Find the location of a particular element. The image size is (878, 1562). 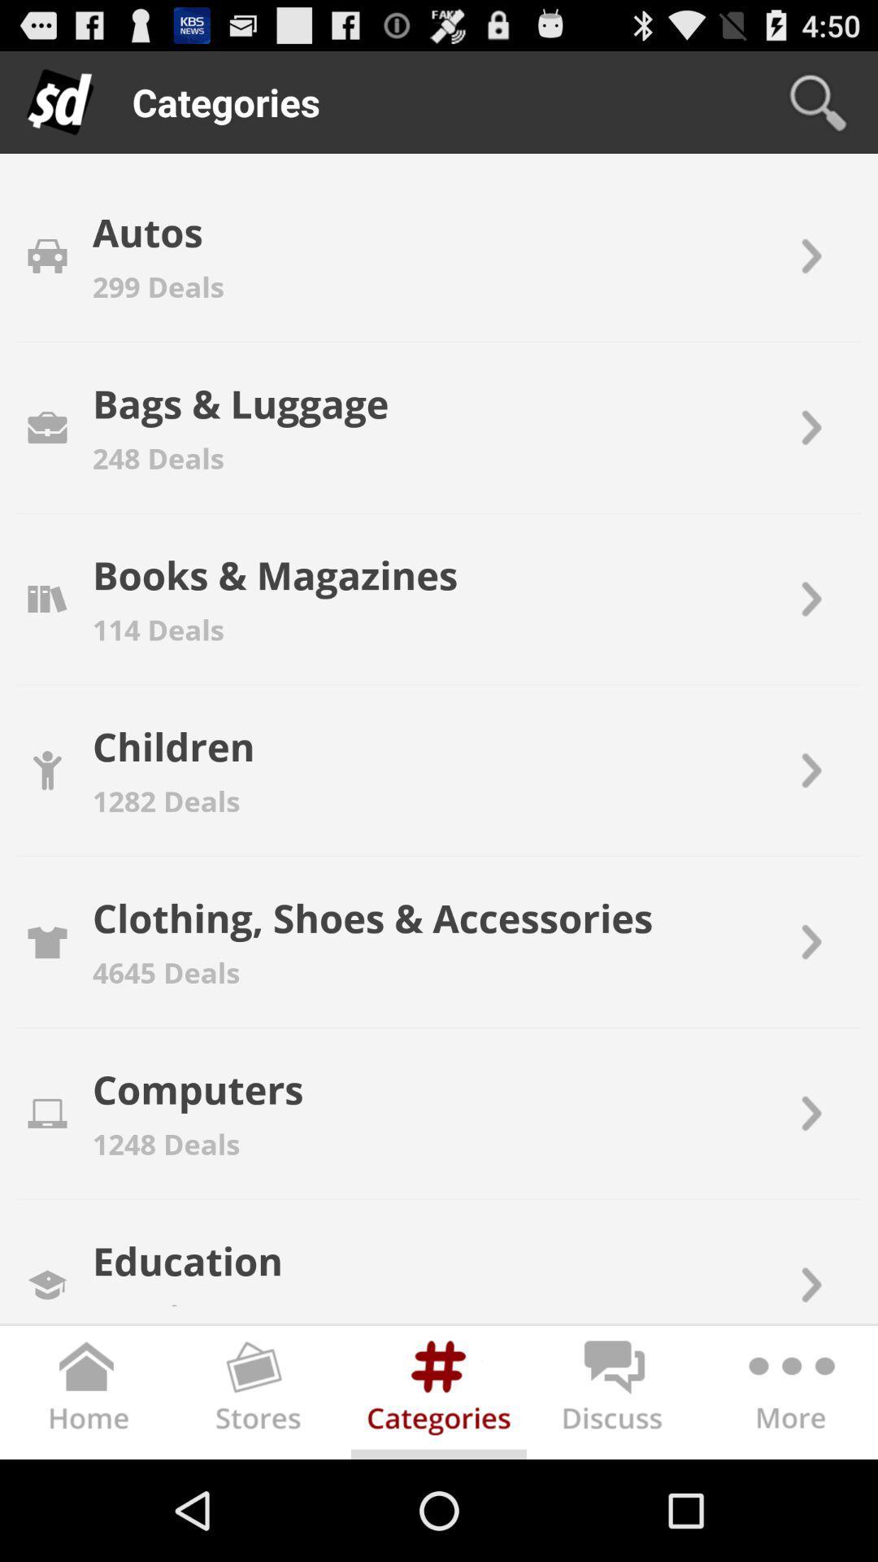

3 deals is located at coordinates (141, 1298).